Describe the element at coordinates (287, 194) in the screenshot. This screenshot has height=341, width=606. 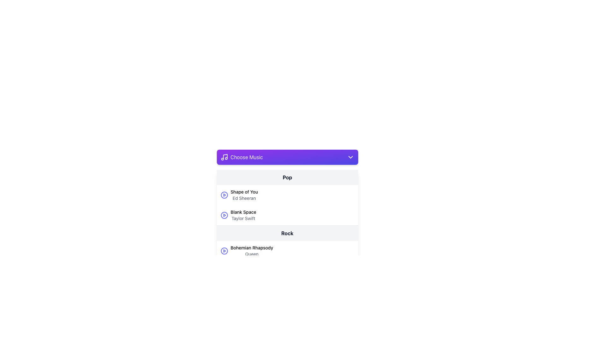
I see `the first list item in the 'Pop' category that displays 'Shape of You' by Ed Sheeran` at that location.